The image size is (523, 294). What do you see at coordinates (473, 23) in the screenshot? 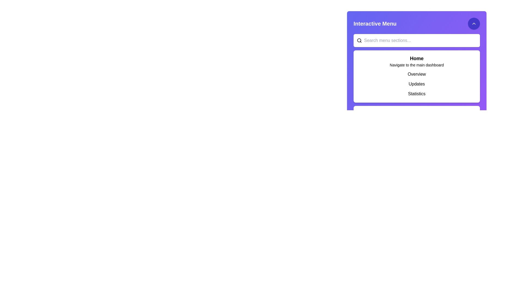
I see `the circular button with a purple background and a white upward arrow icon located at the top-right corner of the 'Interactive Menu' section` at bounding box center [473, 23].